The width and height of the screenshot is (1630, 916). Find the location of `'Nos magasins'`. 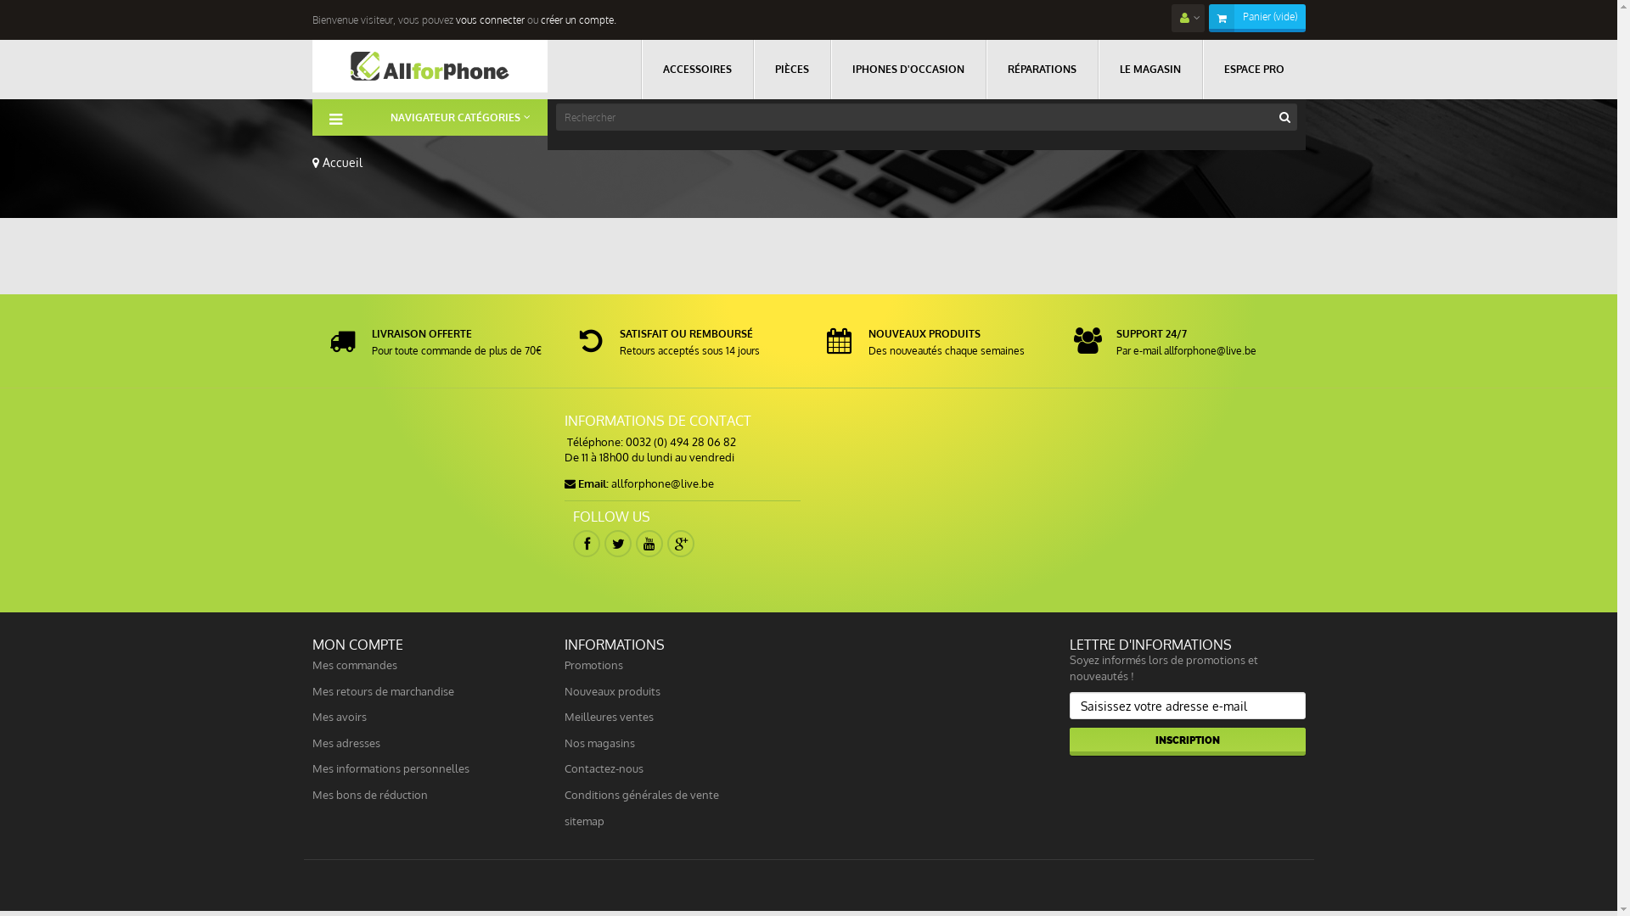

'Nos magasins' is located at coordinates (599, 741).